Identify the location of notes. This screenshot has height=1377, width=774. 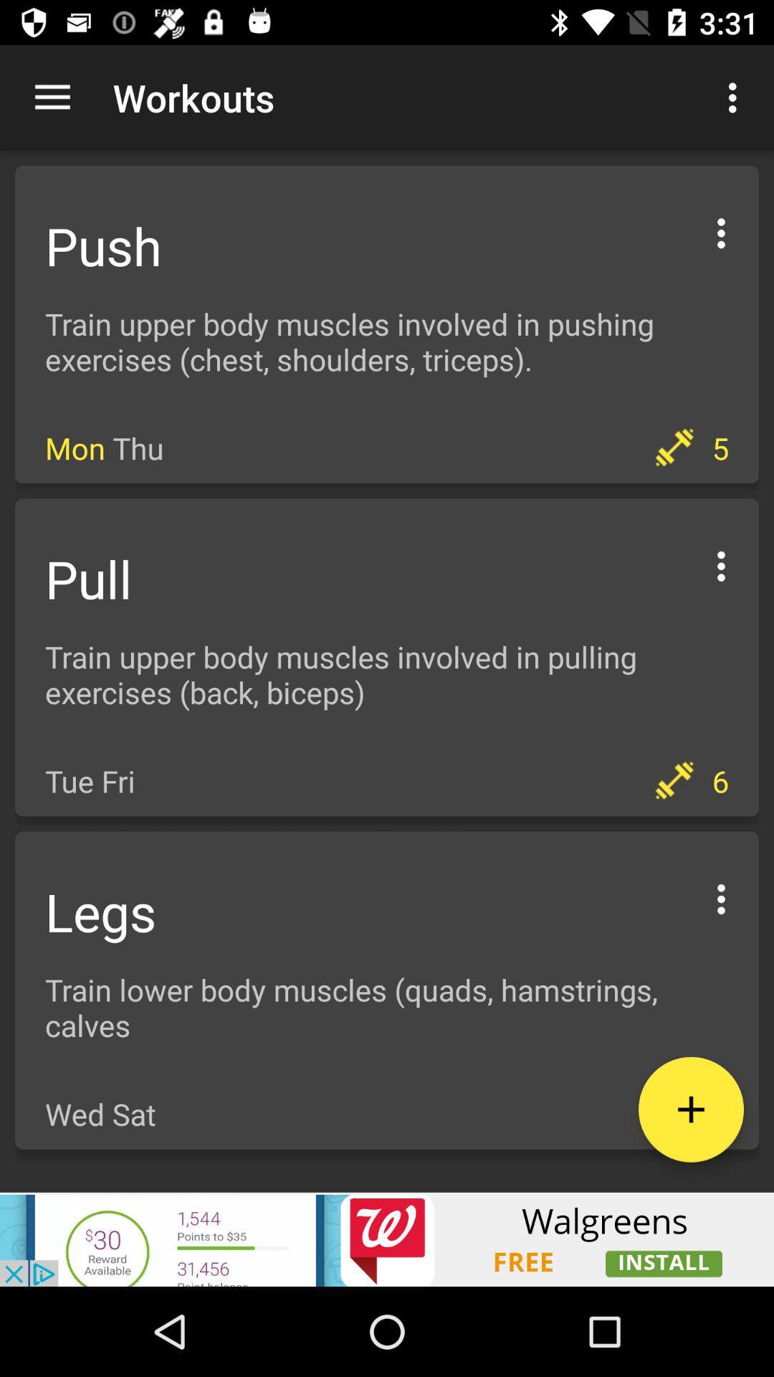
(690, 1109).